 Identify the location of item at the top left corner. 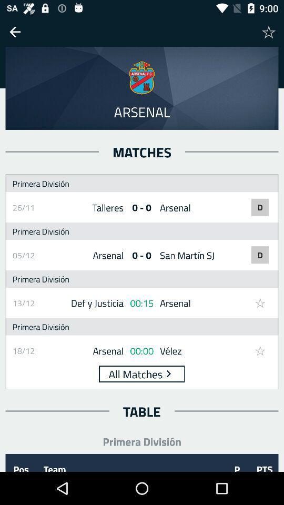
(14, 31).